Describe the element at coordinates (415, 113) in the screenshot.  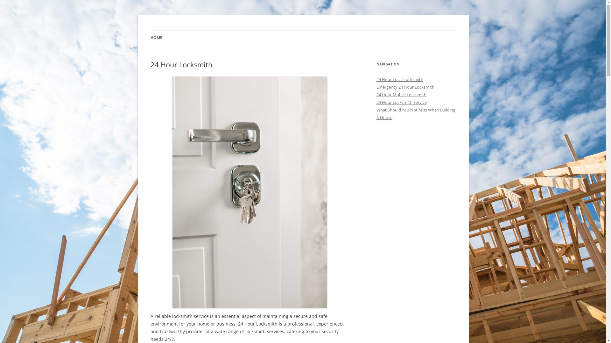
I see `'What Should You Not Miss When Building A House'` at that location.